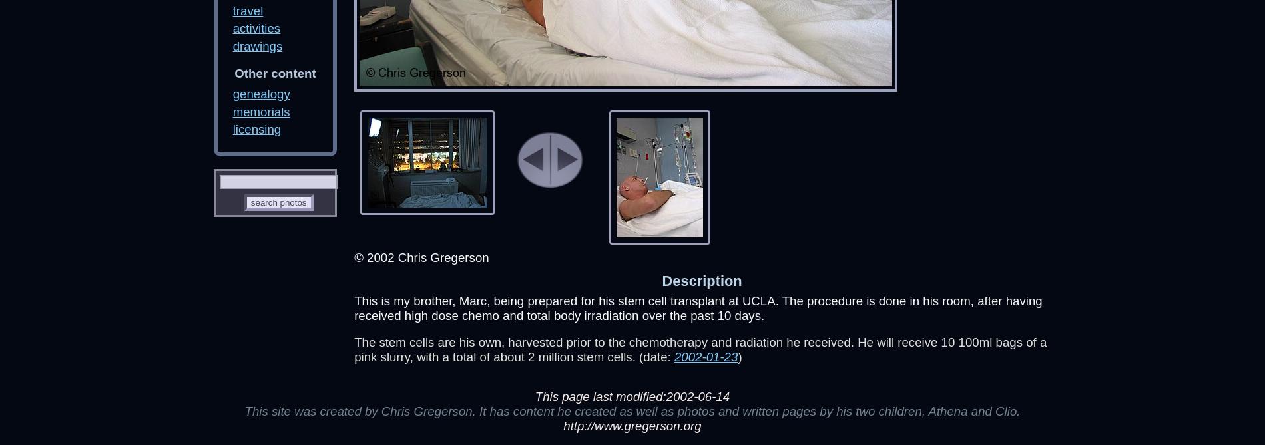 This screenshot has height=445, width=1265. What do you see at coordinates (706, 357) in the screenshot?
I see `'2002-01-23'` at bounding box center [706, 357].